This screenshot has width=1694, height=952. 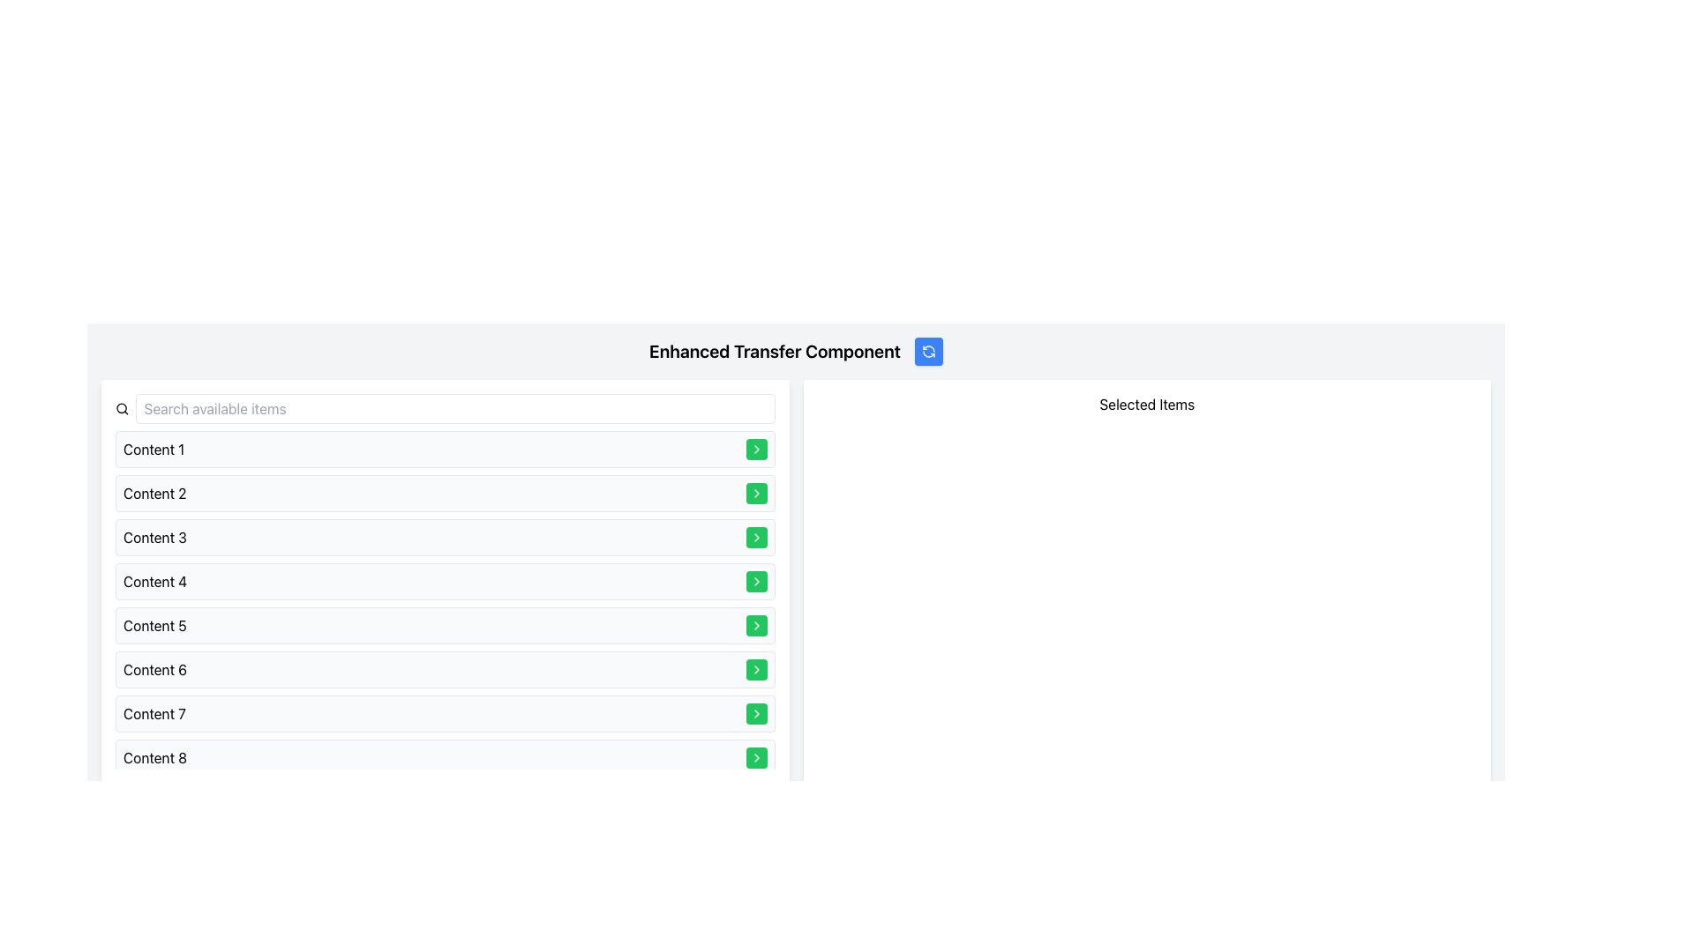 What do you see at coordinates (756, 536) in the screenshot?
I see `the button located in the third row of the list titled 'Content 3' on the far right` at bounding box center [756, 536].